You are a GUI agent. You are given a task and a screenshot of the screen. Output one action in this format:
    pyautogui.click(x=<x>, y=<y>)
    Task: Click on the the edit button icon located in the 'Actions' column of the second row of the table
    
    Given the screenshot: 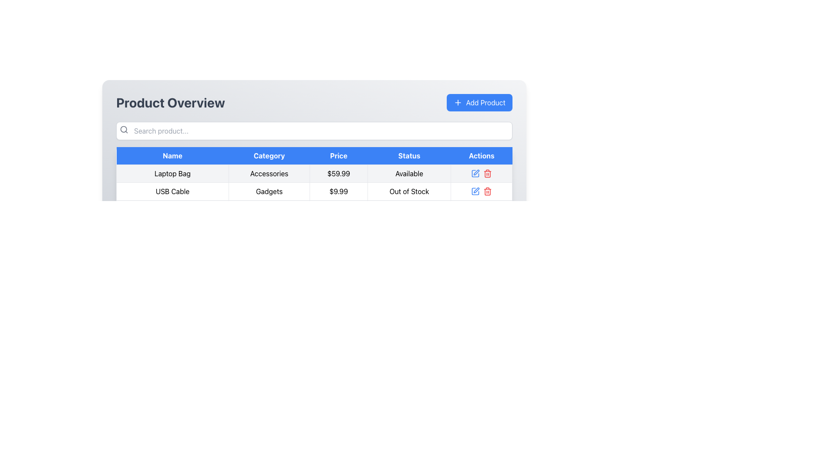 What is the action you would take?
    pyautogui.click(x=475, y=173)
    